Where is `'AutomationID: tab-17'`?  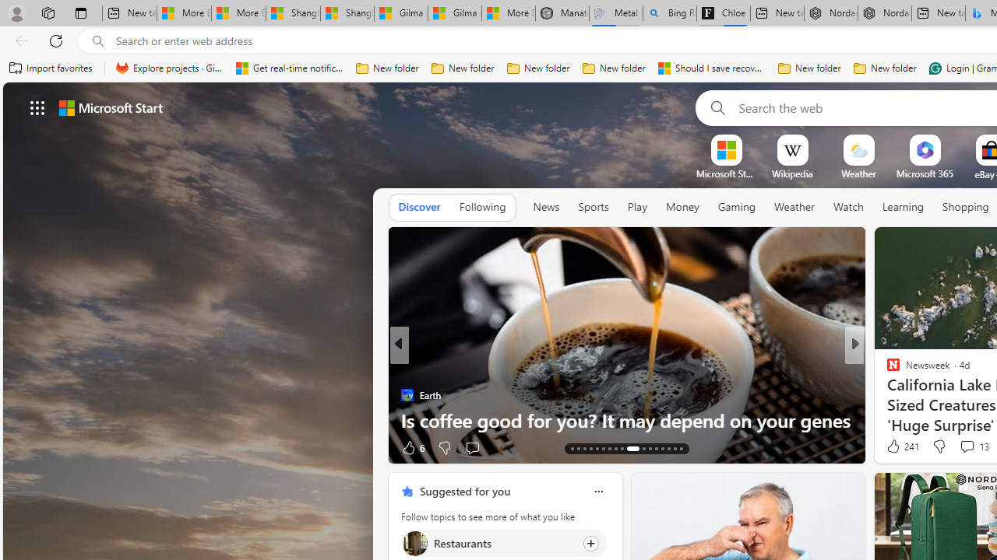
'AutomationID: tab-17' is located at coordinates (596, 449).